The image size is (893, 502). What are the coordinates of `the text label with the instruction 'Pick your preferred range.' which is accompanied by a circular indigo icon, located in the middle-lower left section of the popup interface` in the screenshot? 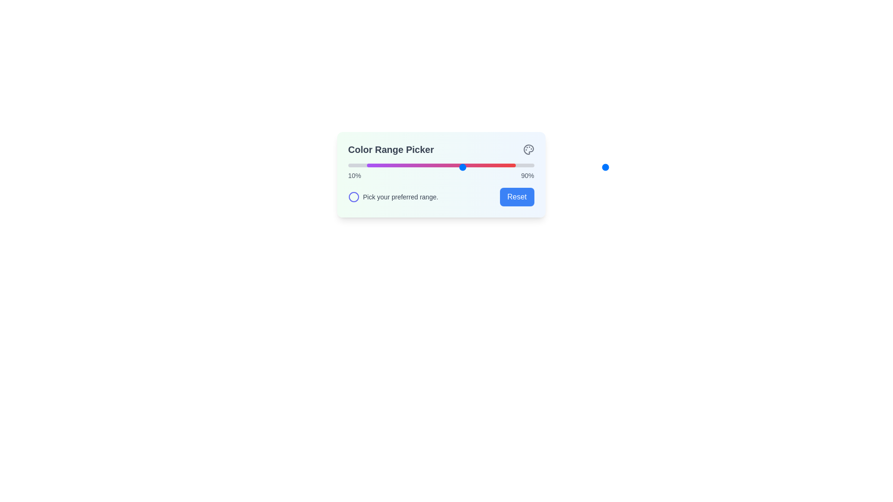 It's located at (393, 197).